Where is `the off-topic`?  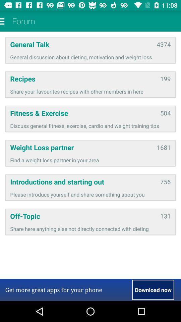 the off-topic is located at coordinates (83, 216).